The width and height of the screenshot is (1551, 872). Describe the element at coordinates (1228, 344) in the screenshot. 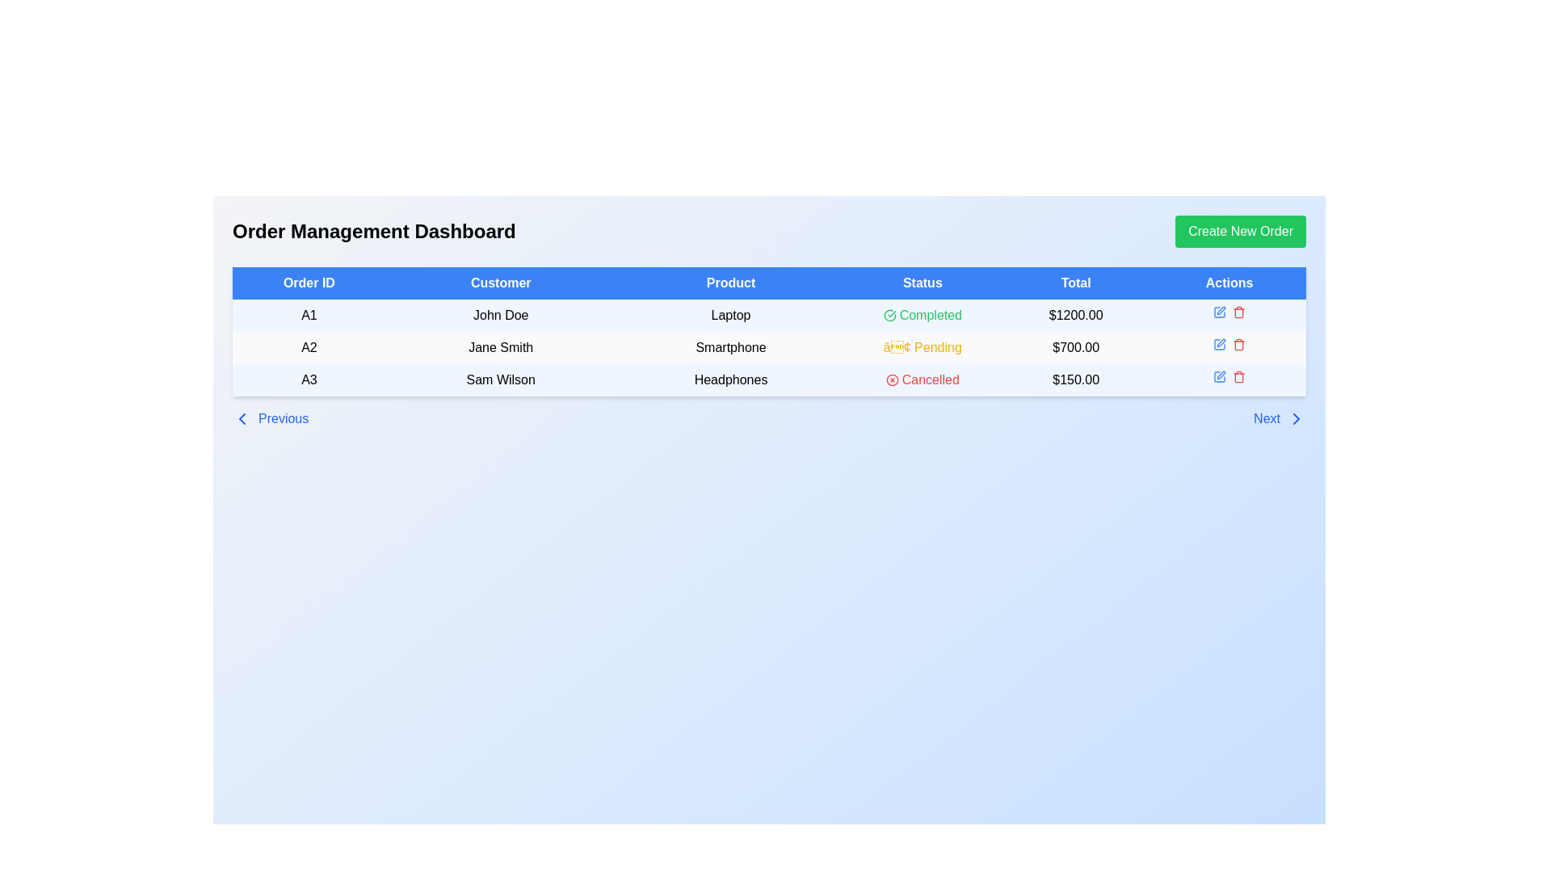

I see `the edit icon in the button group located in the 'Actions' column of the row for 'Jane Smith's order for the 'Smartphone'` at that location.